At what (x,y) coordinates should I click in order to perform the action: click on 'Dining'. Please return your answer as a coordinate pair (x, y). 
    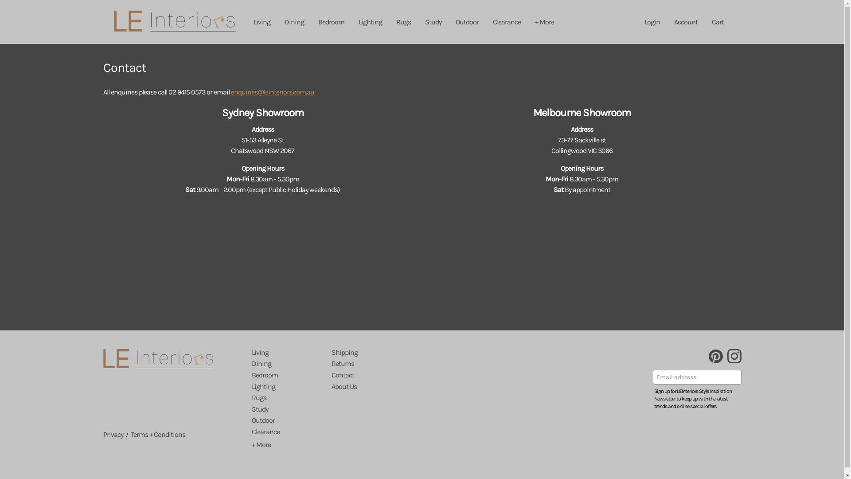
    Looking at the image, I should click on (261, 363).